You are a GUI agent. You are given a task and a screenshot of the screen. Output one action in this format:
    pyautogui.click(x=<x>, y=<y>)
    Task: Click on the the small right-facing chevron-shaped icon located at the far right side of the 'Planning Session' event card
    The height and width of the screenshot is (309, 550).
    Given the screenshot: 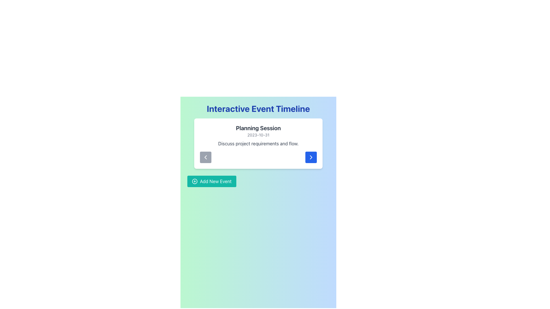 What is the action you would take?
    pyautogui.click(x=311, y=157)
    